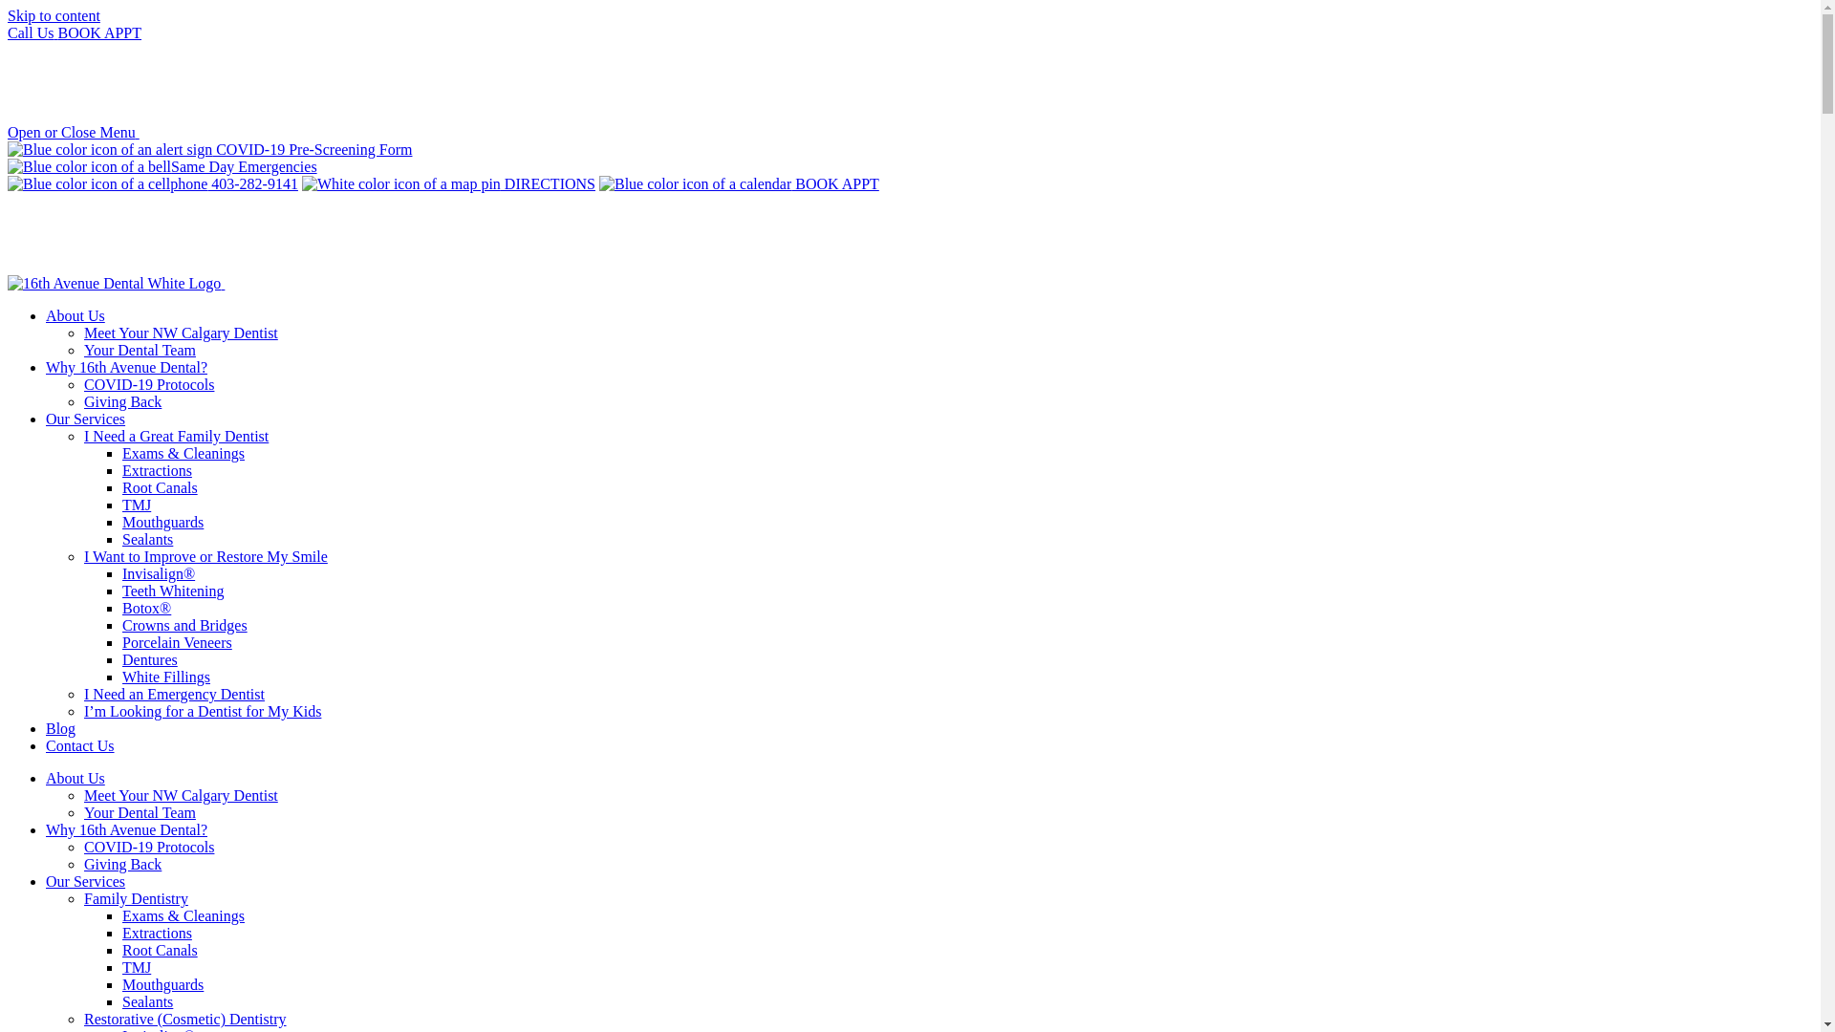 This screenshot has height=1032, width=1835. Describe the element at coordinates (173, 590) in the screenshot. I see `'Teeth Whitening'` at that location.